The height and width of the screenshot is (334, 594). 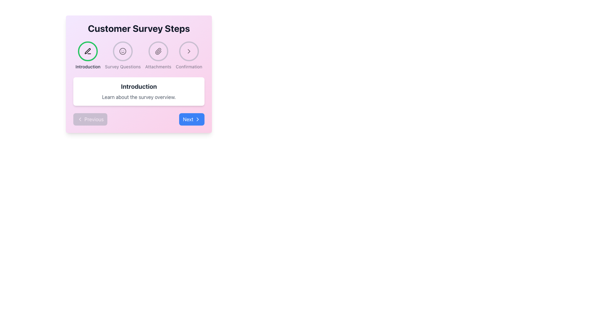 I want to click on the 'Next' button located in the bottom-right corner of the interface, which contains a chevron arrow icon indicating forward navigation, so click(x=197, y=119).